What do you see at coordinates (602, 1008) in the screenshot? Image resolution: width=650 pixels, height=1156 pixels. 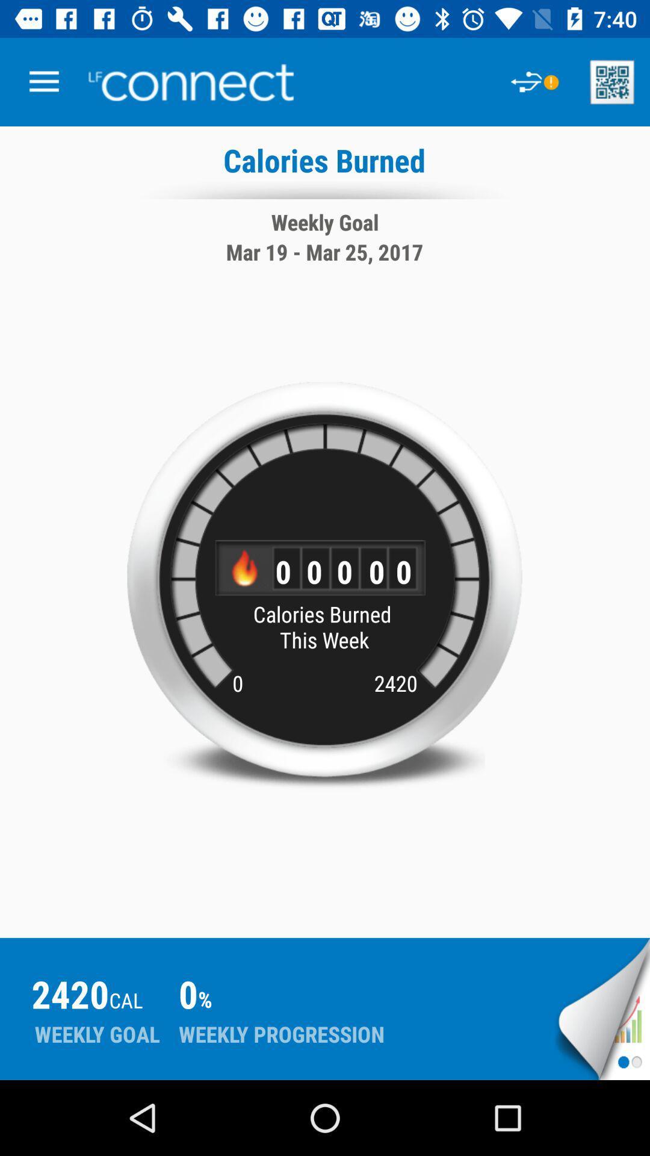 I see `the send icon` at bounding box center [602, 1008].